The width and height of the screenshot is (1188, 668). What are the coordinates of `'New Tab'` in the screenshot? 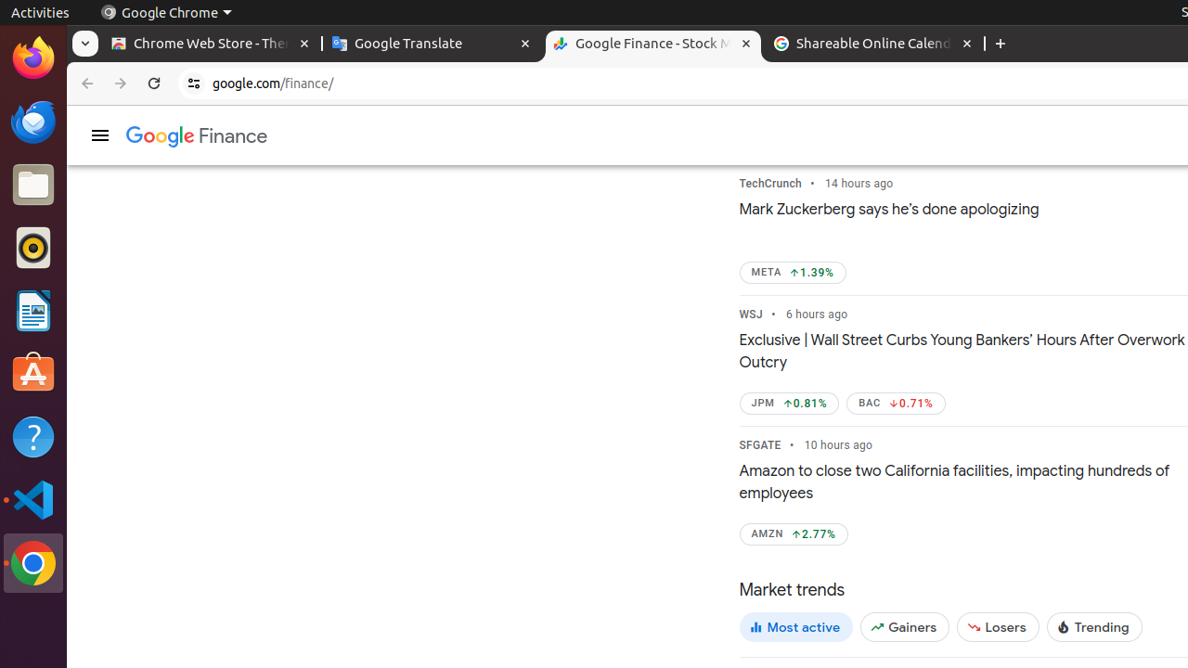 It's located at (1000, 43).